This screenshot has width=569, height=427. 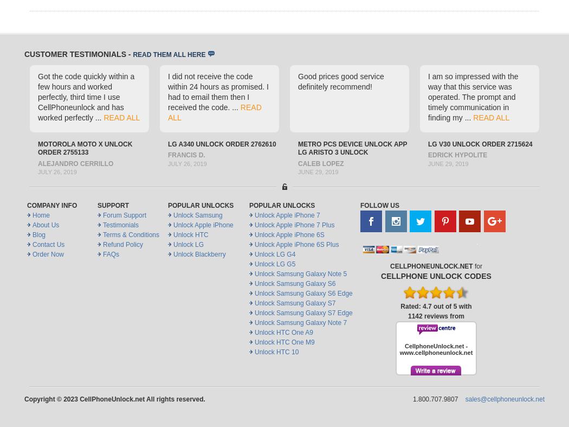 I want to click on 'FAQs', so click(x=110, y=254).